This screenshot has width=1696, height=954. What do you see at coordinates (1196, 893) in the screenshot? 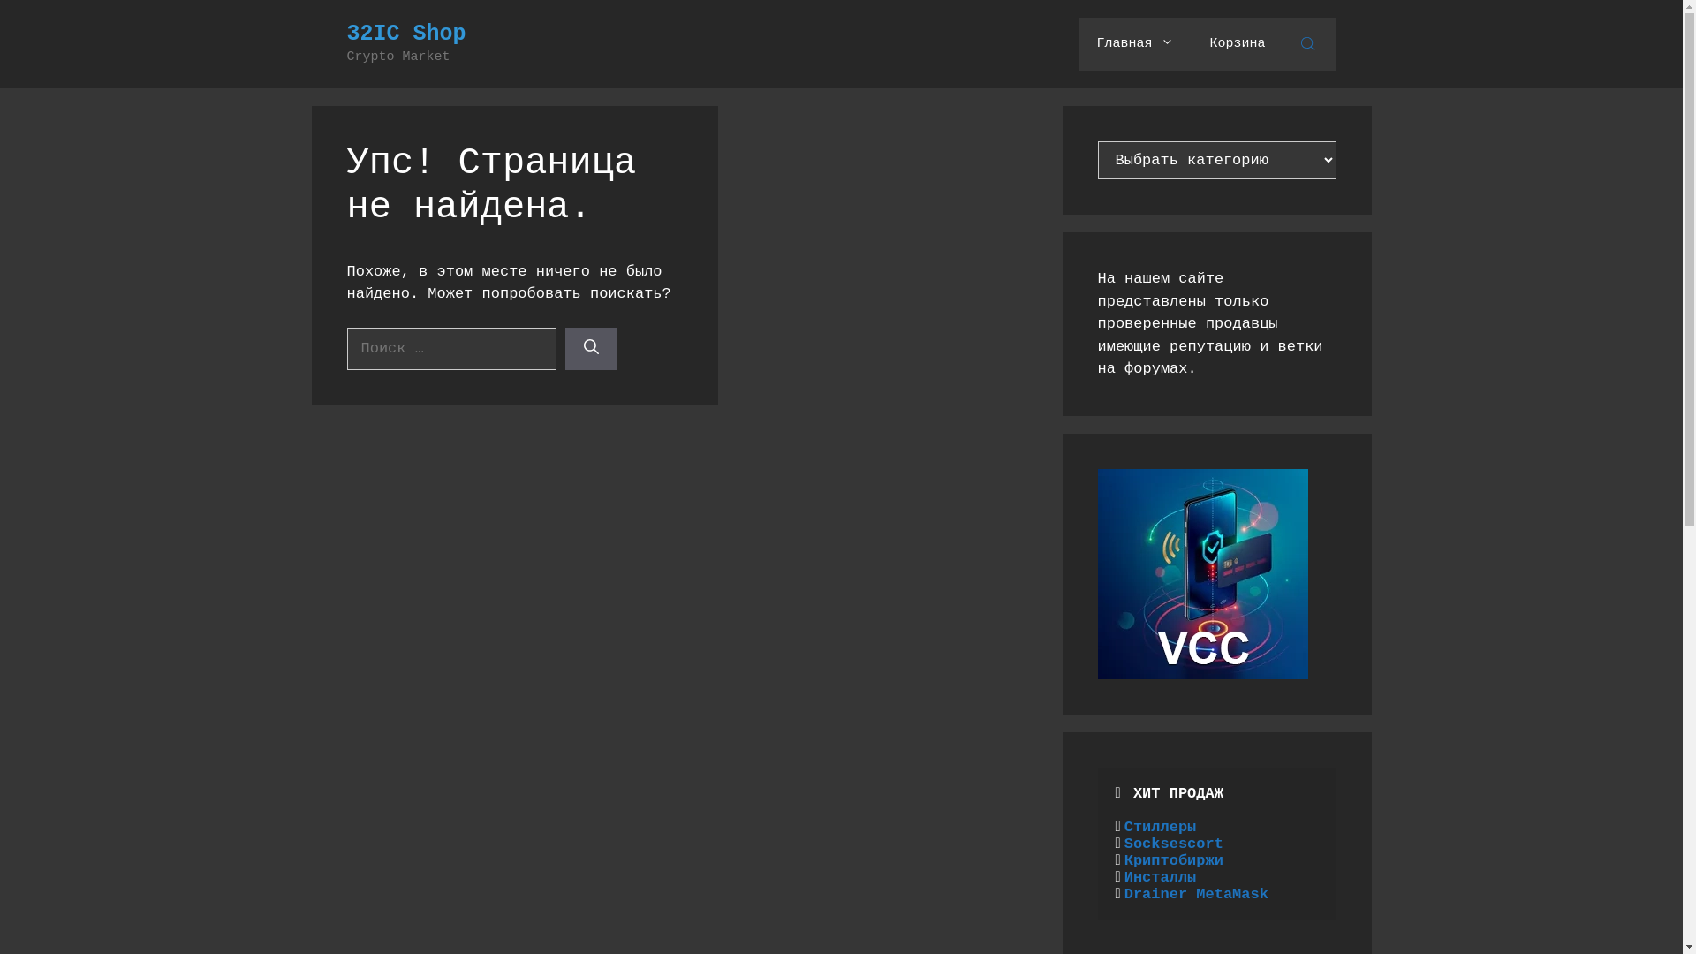
I see `'Drainer MetaMask'` at bounding box center [1196, 893].